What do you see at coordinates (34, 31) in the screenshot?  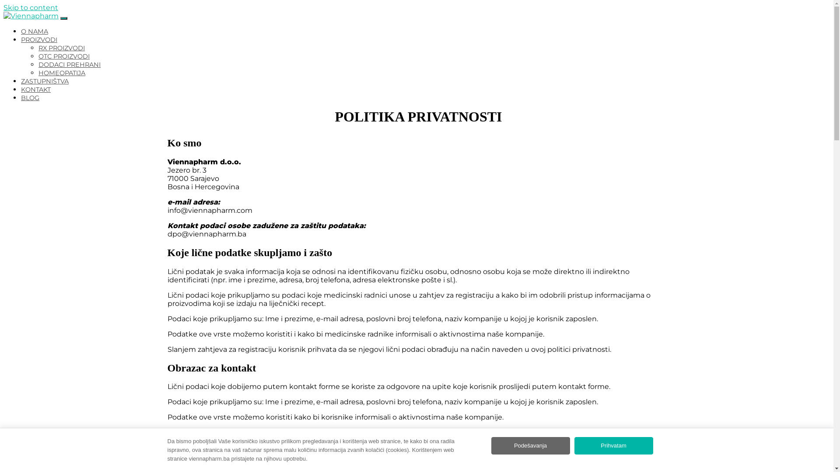 I see `'O NAMA'` at bounding box center [34, 31].